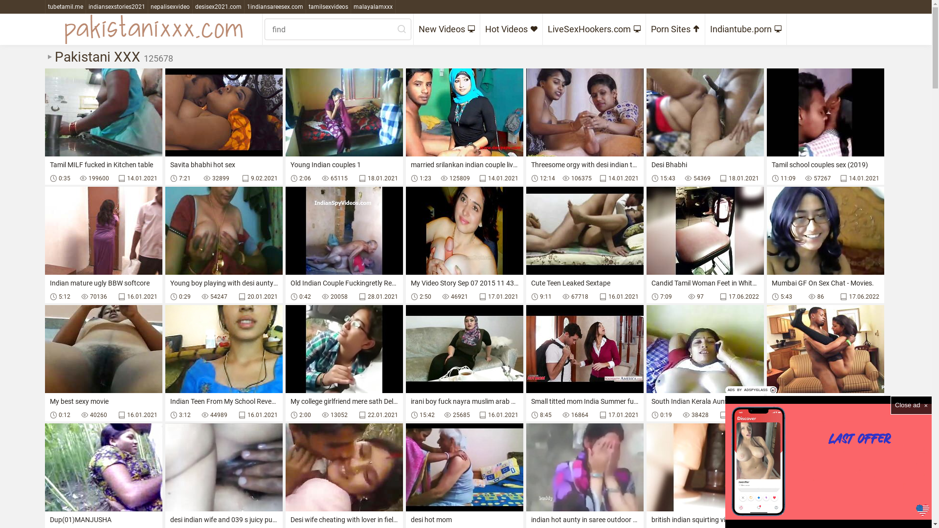 Image resolution: width=939 pixels, height=528 pixels. What do you see at coordinates (117, 7) in the screenshot?
I see `'indiansexstories2021'` at bounding box center [117, 7].